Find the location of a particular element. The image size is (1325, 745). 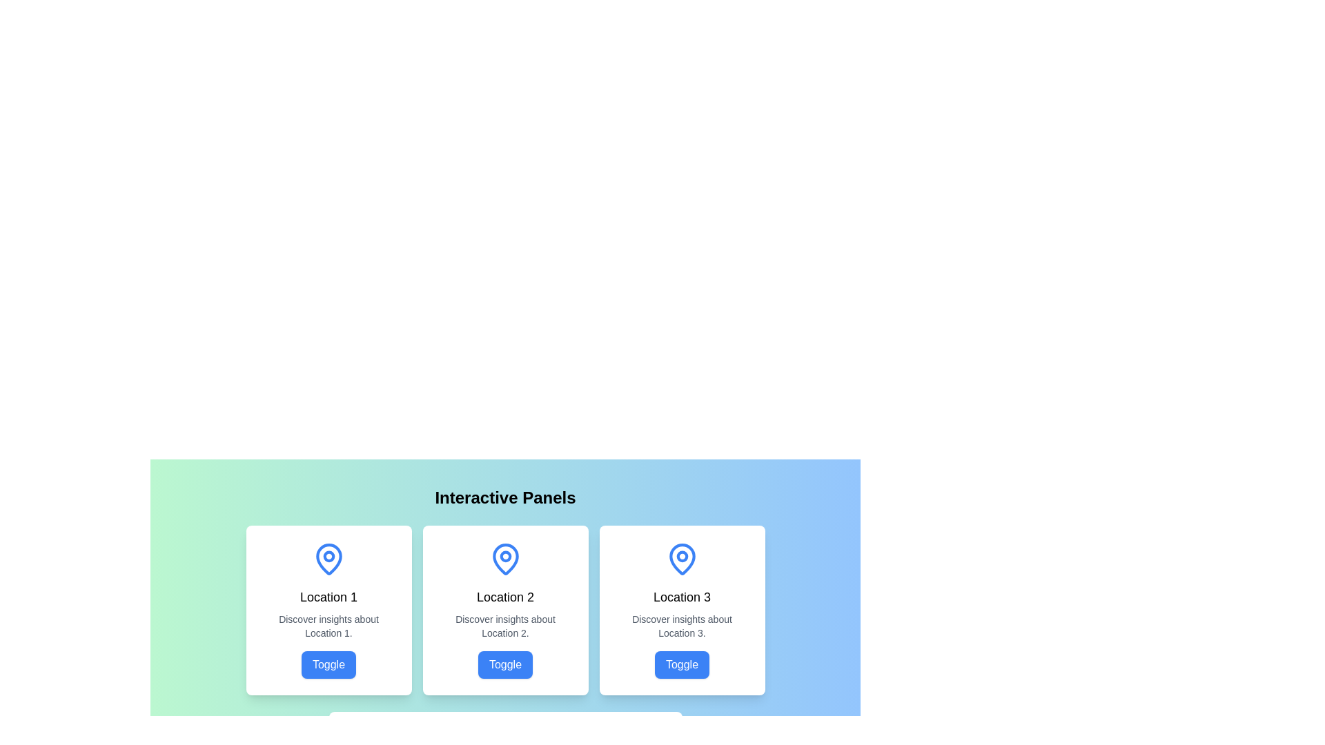

the button located at the bottom-center of the 'Location 1' panel is located at coordinates (328, 664).